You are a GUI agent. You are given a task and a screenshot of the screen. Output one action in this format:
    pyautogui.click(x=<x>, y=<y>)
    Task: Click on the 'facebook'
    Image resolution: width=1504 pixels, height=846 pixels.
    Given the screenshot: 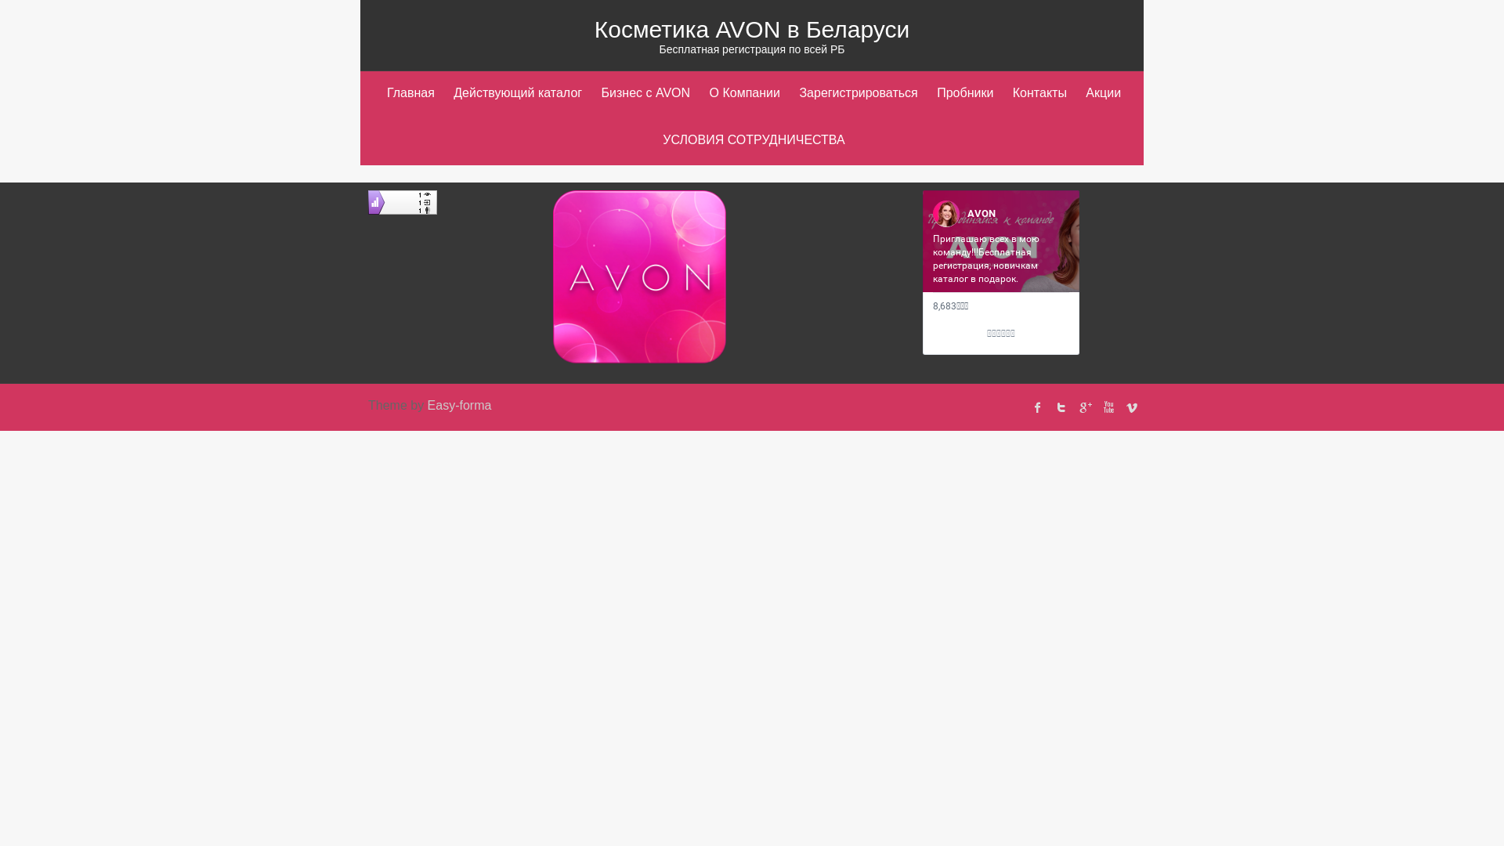 What is the action you would take?
    pyautogui.click(x=1037, y=407)
    